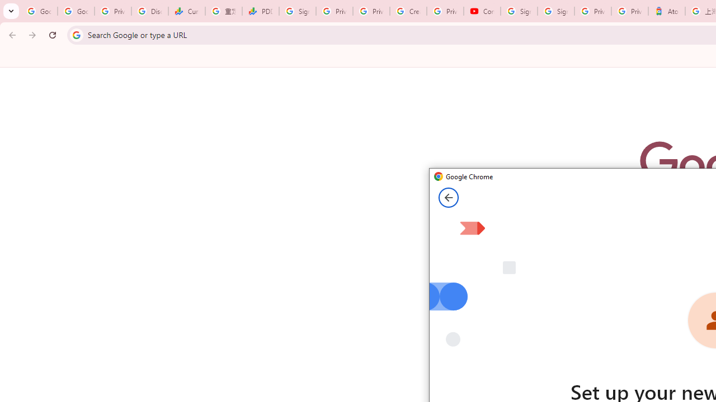  What do you see at coordinates (408, 11) in the screenshot?
I see `'Create your Google Account'` at bounding box center [408, 11].